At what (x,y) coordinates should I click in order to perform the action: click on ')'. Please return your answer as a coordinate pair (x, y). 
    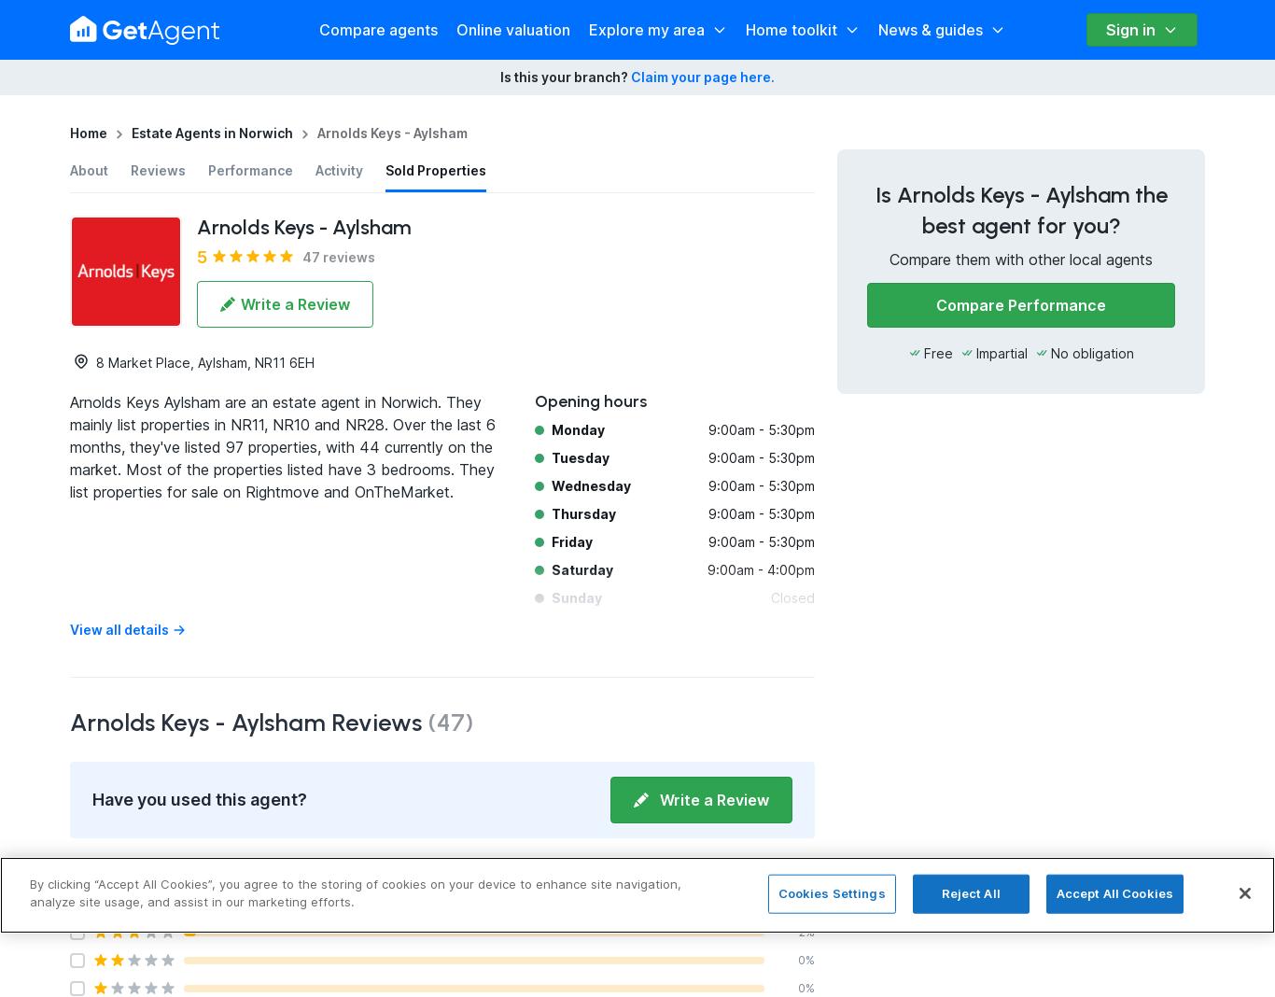
    Looking at the image, I should click on (469, 722).